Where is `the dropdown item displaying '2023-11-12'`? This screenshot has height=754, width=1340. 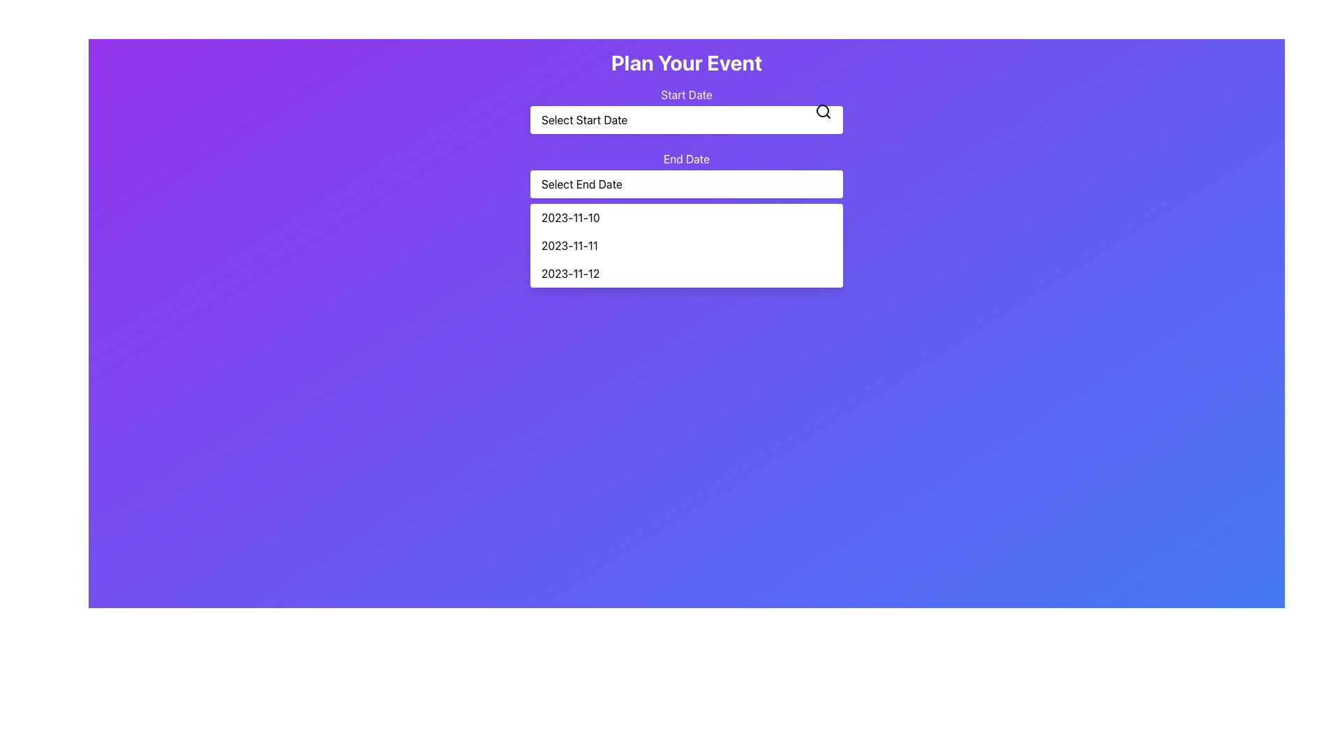 the dropdown item displaying '2023-11-12' is located at coordinates (686, 274).